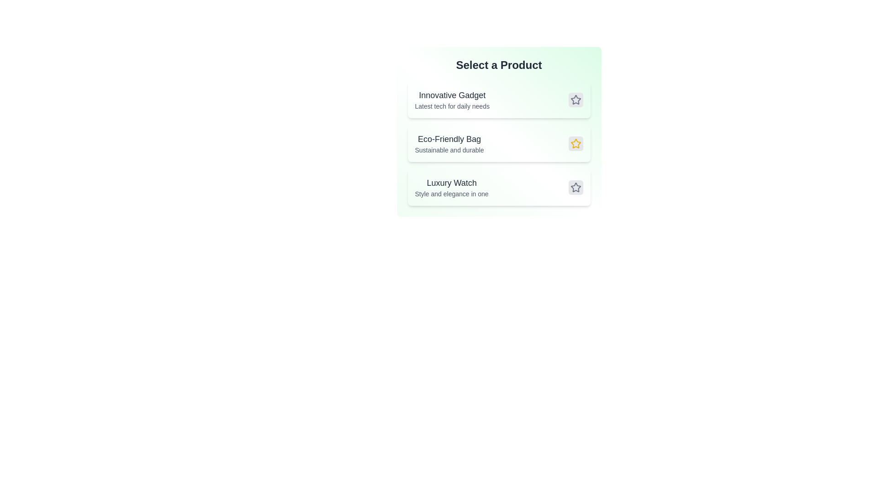 The height and width of the screenshot is (493, 877). What do you see at coordinates (575, 100) in the screenshot?
I see `the product by clicking on the star button associated with Innovative Gadget` at bounding box center [575, 100].